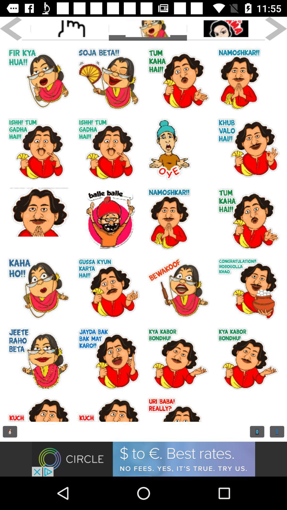  Describe the element at coordinates (257, 432) in the screenshot. I see `the add icon` at that location.